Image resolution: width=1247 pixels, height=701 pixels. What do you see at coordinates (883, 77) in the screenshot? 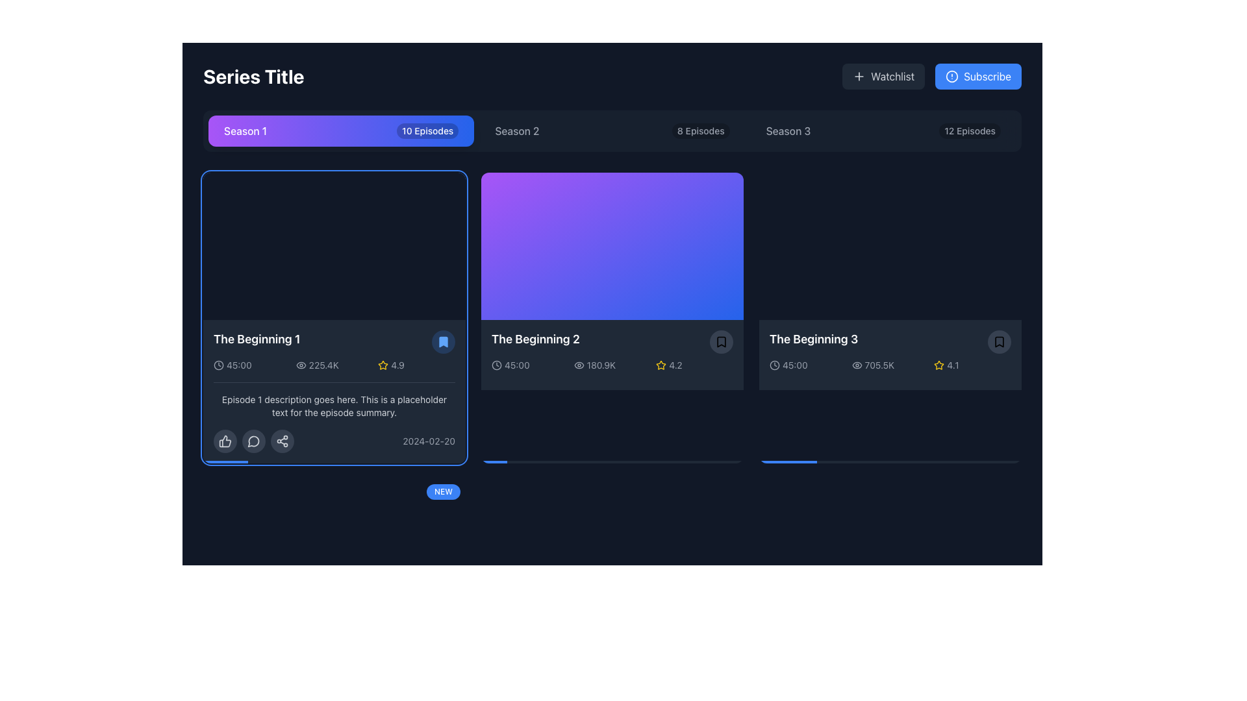
I see `the 'Add to Watchlist' button located to the immediate left of the blue 'Subscribe' button in the upper-right corner of the interface` at bounding box center [883, 77].